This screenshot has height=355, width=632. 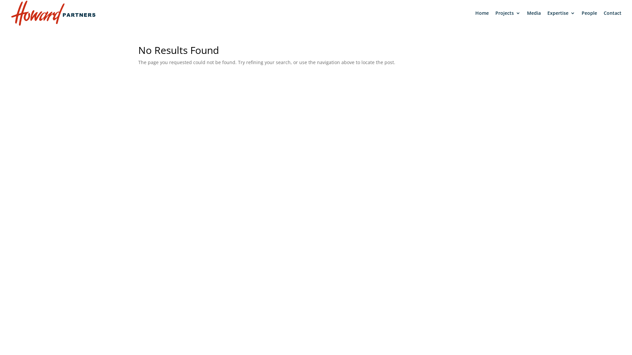 I want to click on 'Projects', so click(x=507, y=18).